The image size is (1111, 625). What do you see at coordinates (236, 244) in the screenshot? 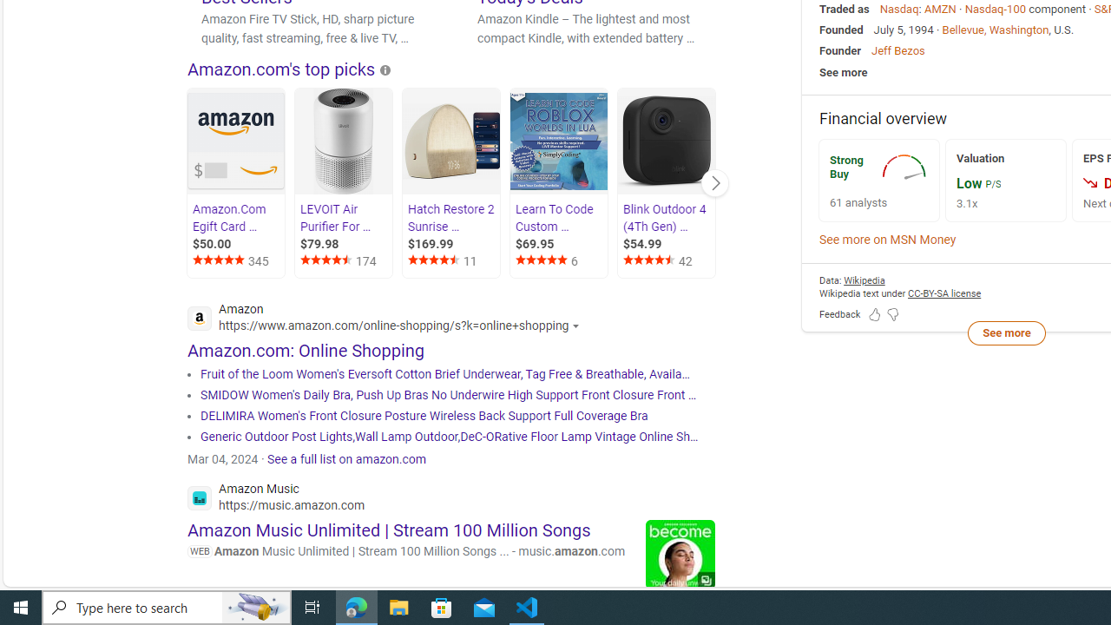
I see `'$50.00'` at bounding box center [236, 244].